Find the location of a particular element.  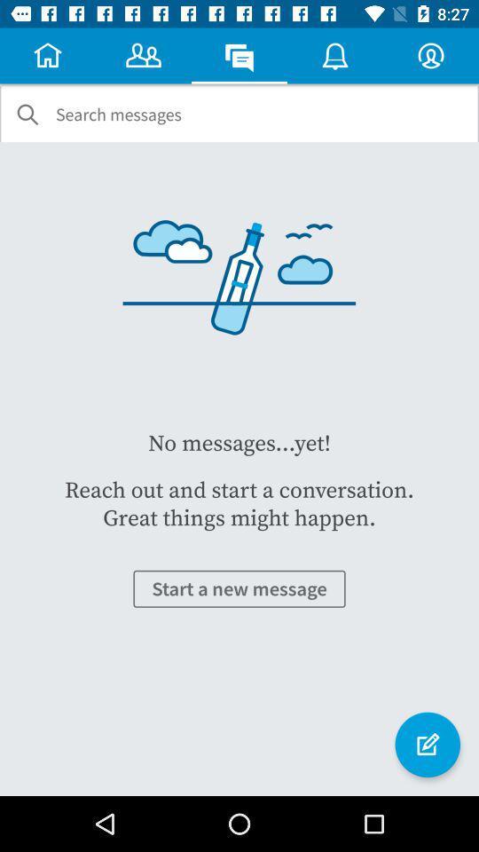

the note icon is located at coordinates (427, 745).